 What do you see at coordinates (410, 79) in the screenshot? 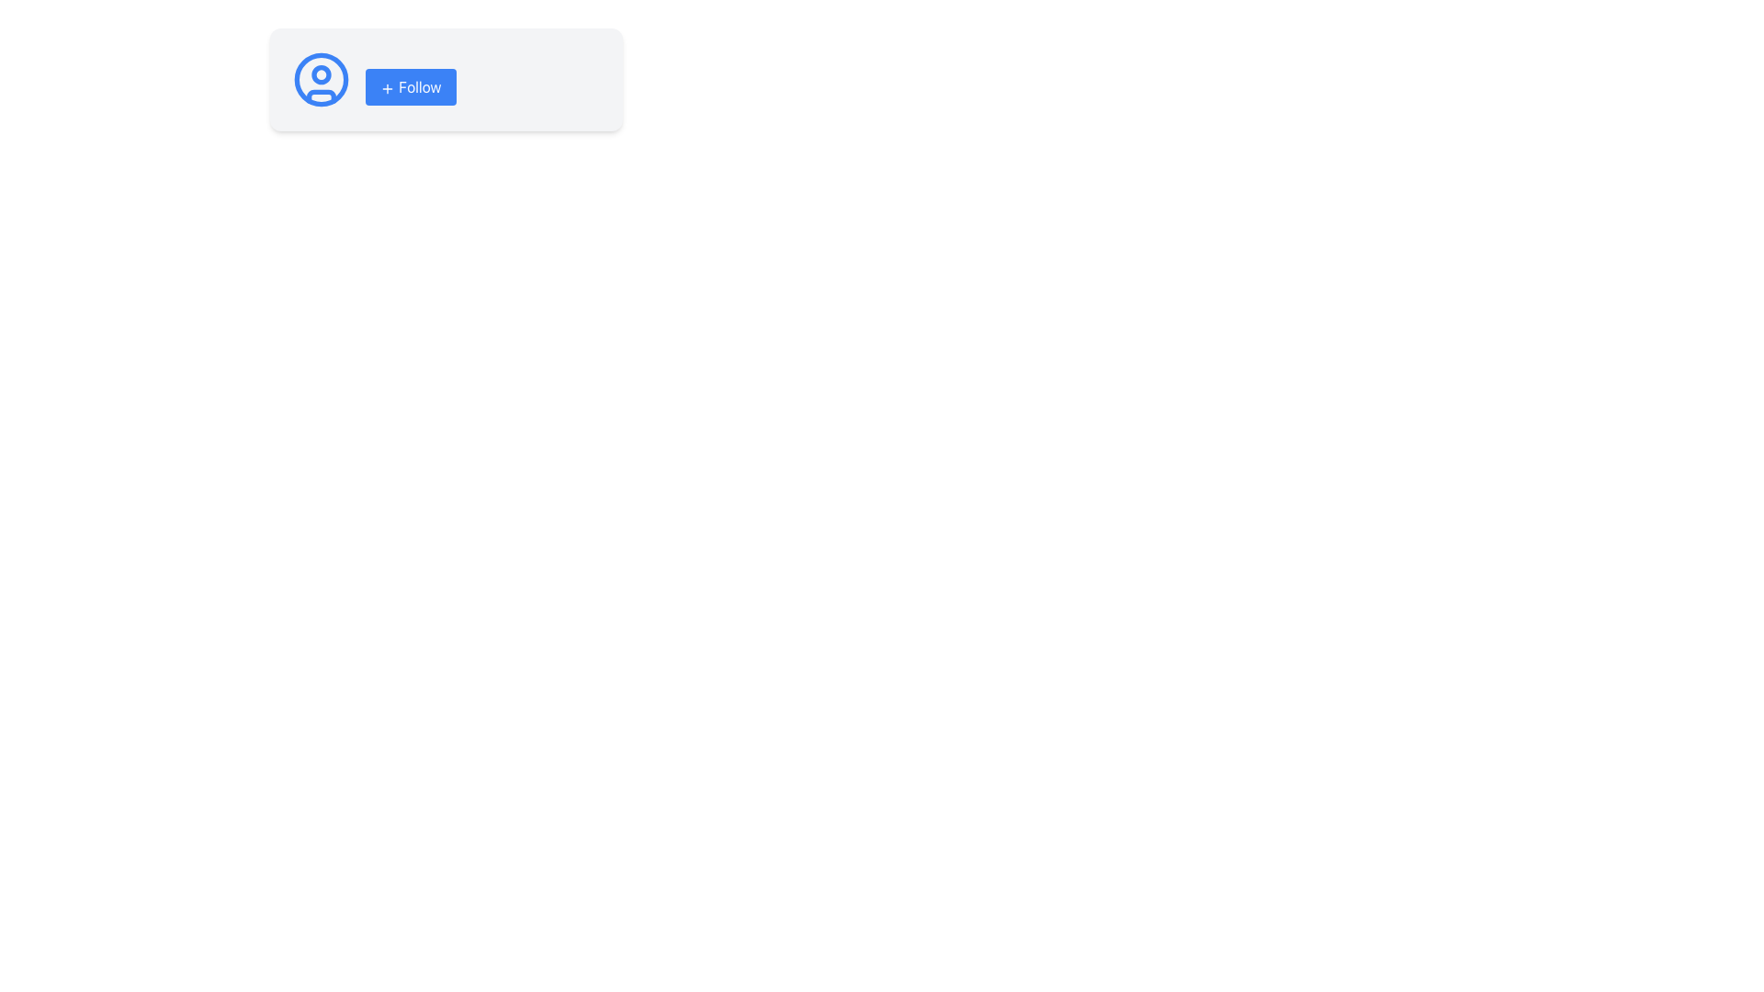
I see `the blue button with rounded corners labeled '+ Follow'` at bounding box center [410, 79].